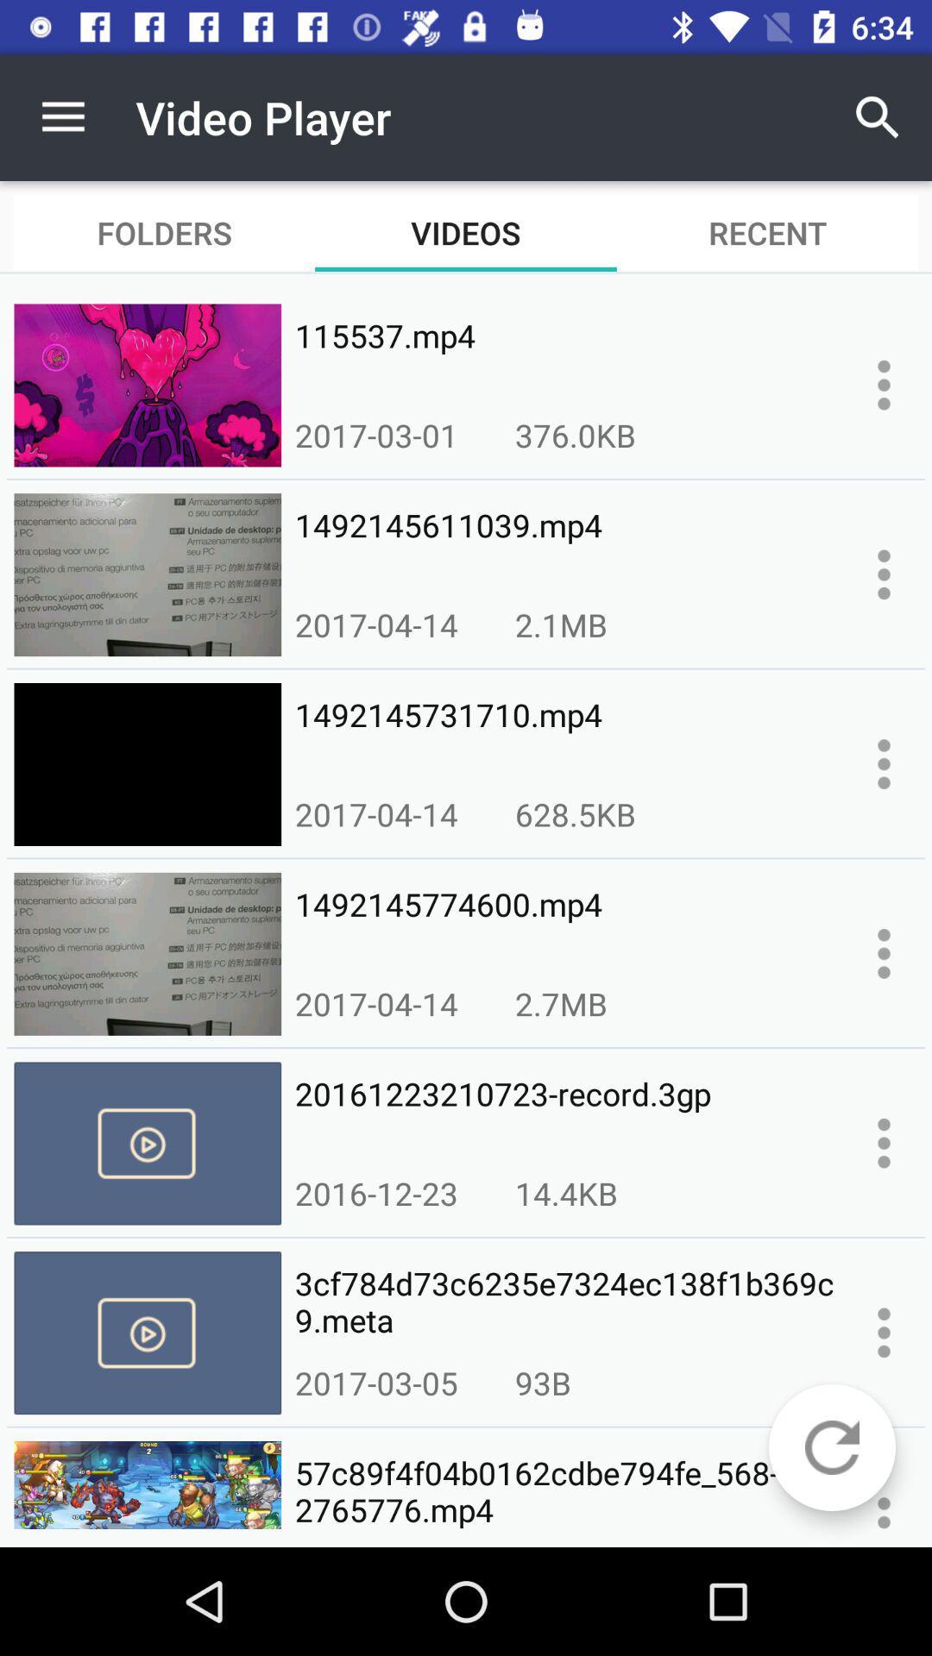 This screenshot has height=1656, width=932. What do you see at coordinates (884, 384) in the screenshot?
I see `open options` at bounding box center [884, 384].